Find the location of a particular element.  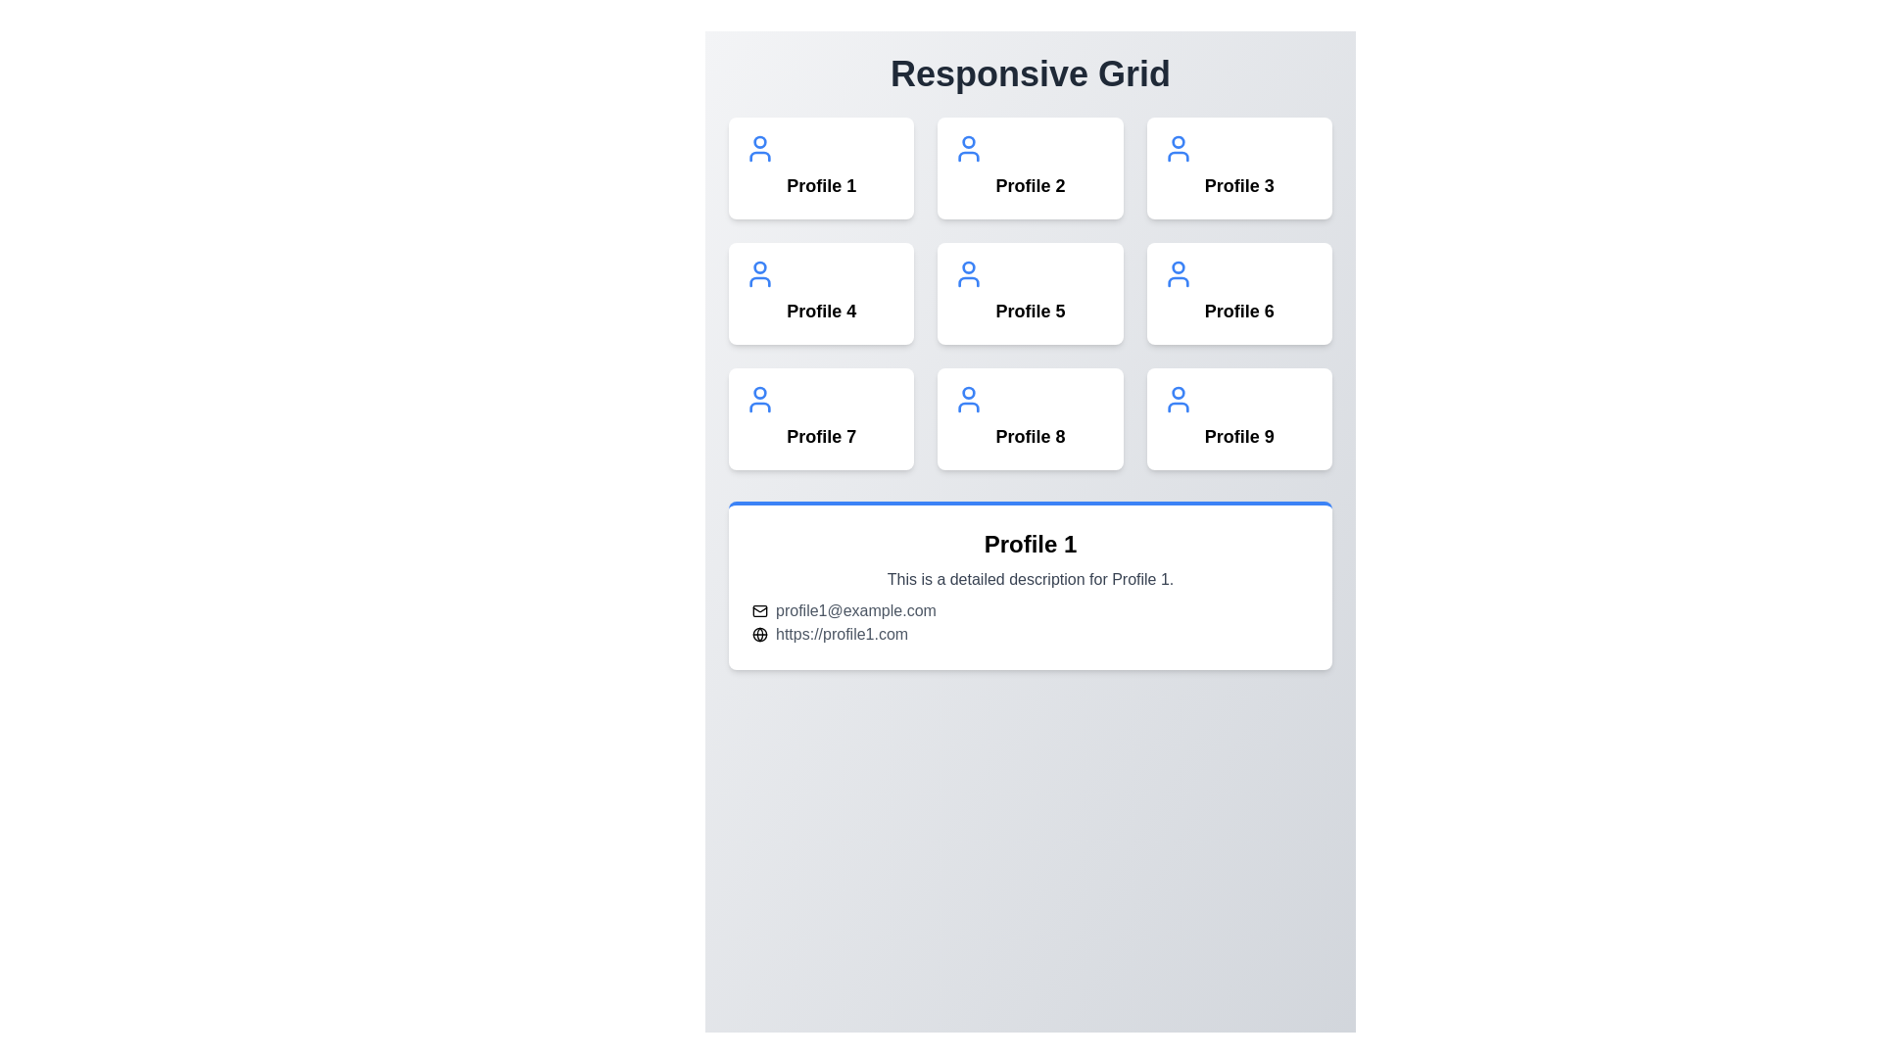

the 7th card representing 'Profile 7' is located at coordinates (821, 418).